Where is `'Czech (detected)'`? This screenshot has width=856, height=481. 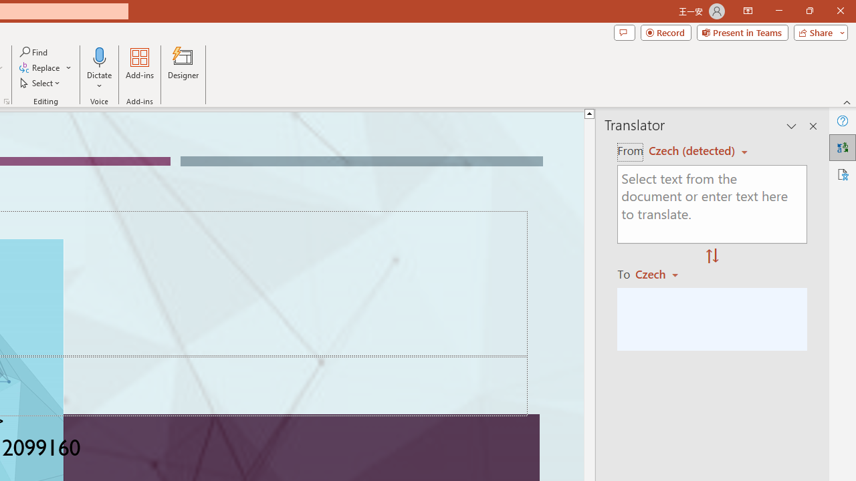 'Czech (detected)' is located at coordinates (693, 150).